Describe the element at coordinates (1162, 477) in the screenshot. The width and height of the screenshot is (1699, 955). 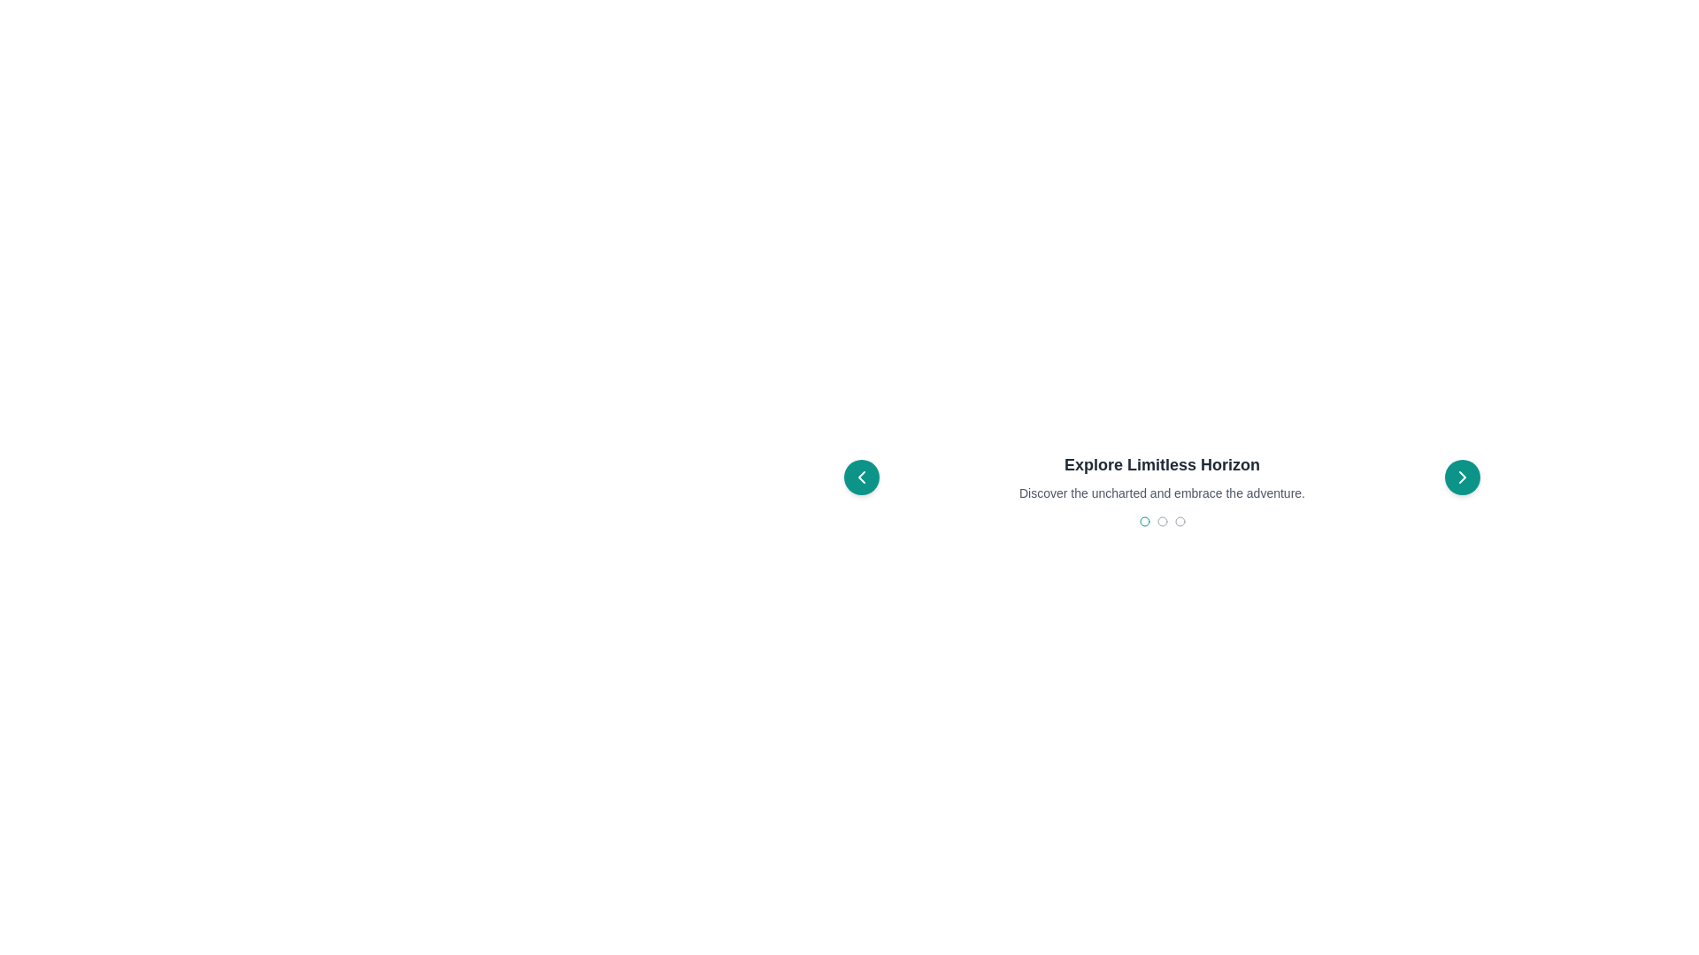
I see `the centrally aligned title and subtitle text element within the carousel, positioned between the navigation buttons` at that location.